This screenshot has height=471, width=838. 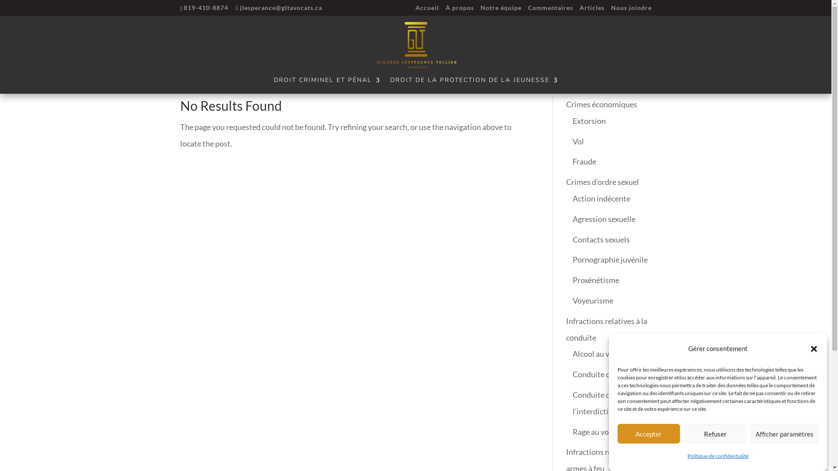 I want to click on 'Articles', so click(x=580, y=10).